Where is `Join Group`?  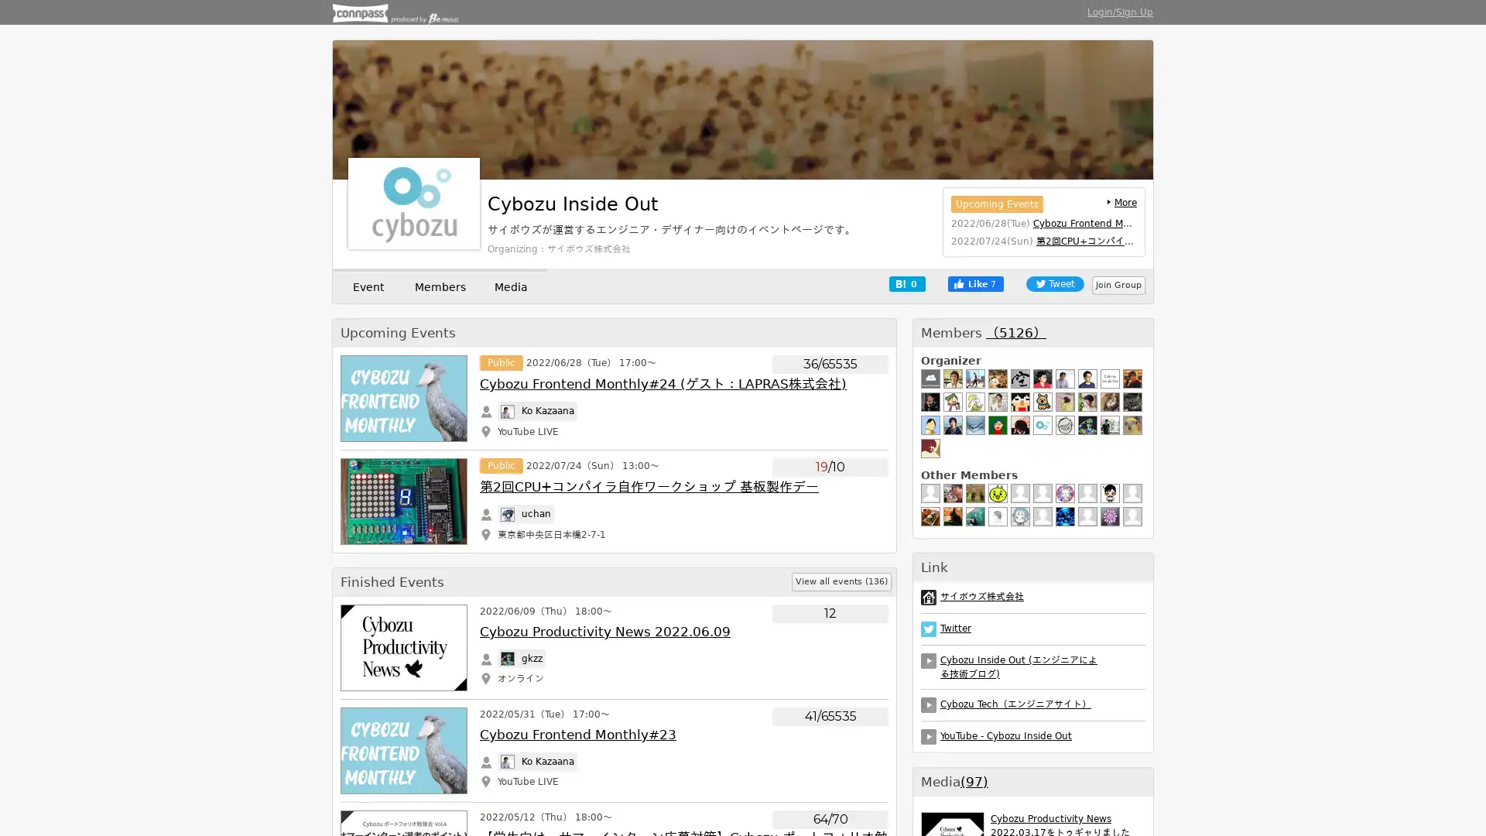 Join Group is located at coordinates (1118, 284).